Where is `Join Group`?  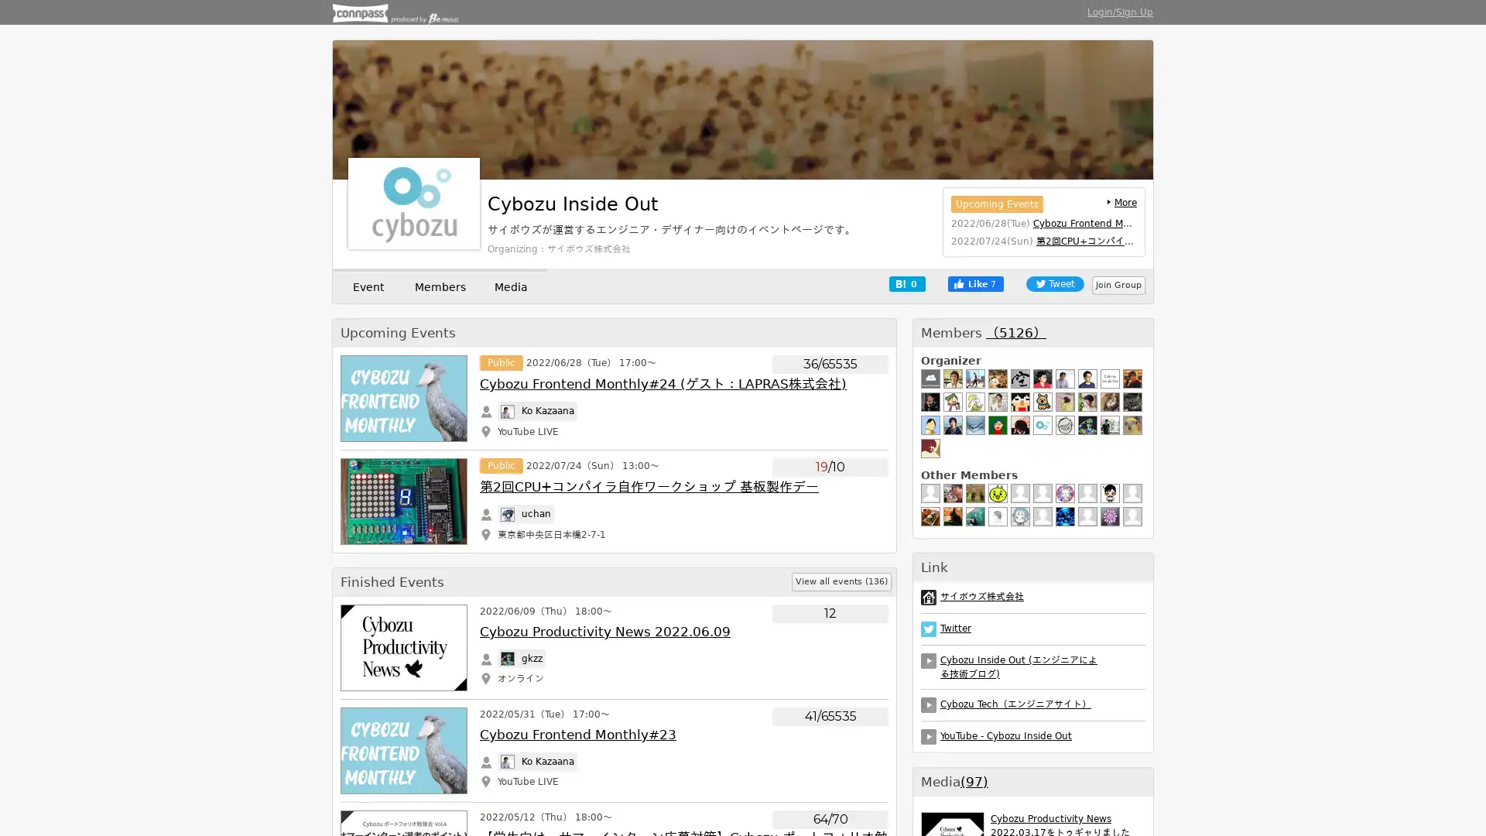 Join Group is located at coordinates (1118, 284).